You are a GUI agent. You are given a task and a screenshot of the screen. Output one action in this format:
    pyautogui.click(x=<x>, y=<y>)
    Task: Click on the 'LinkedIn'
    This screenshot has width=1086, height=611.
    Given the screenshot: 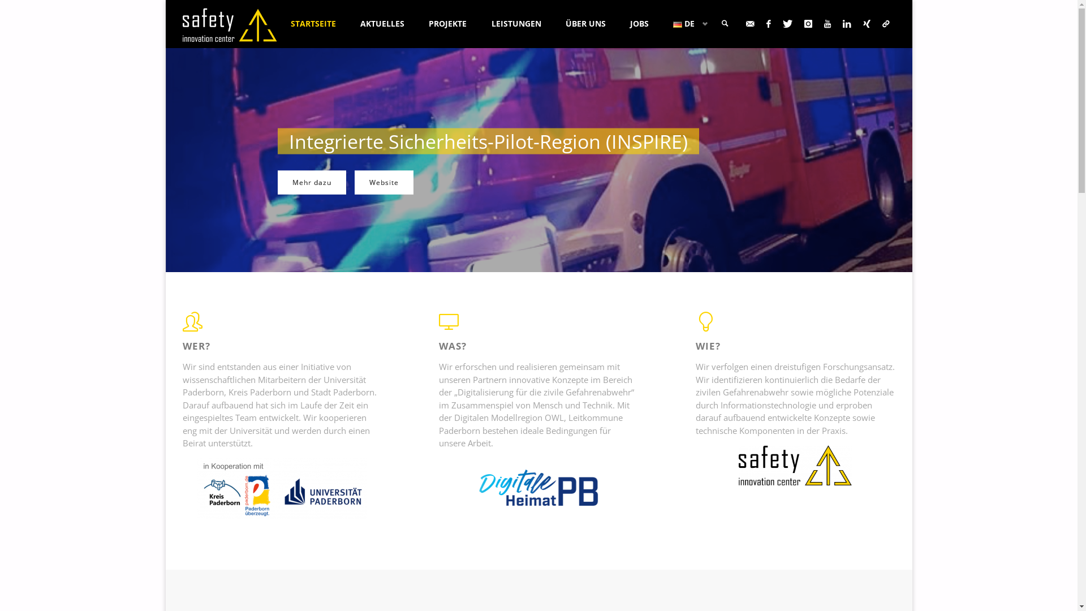 What is the action you would take?
    pyautogui.click(x=837, y=24)
    